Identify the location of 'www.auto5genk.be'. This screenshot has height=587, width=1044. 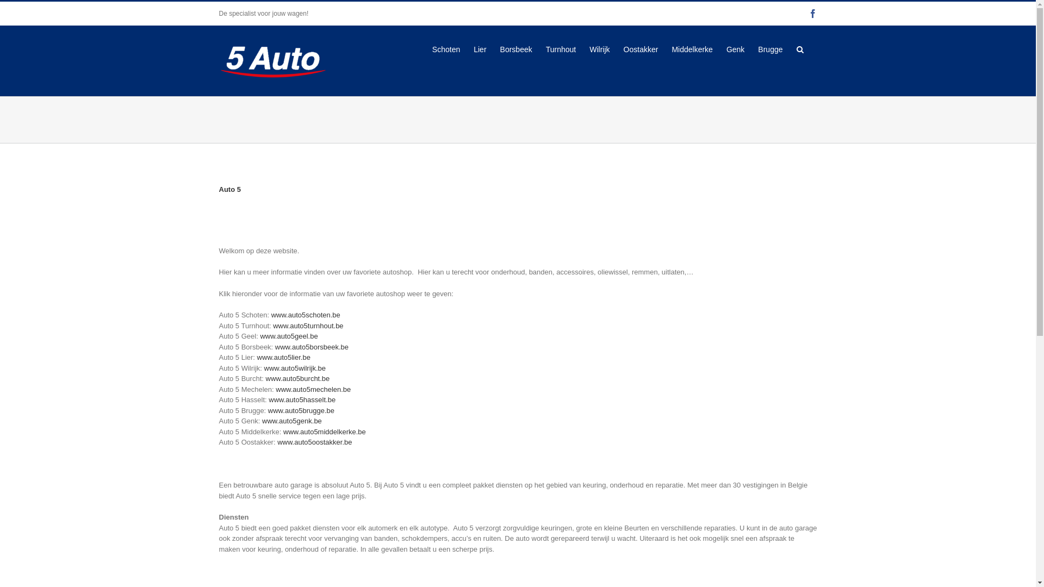
(262, 420).